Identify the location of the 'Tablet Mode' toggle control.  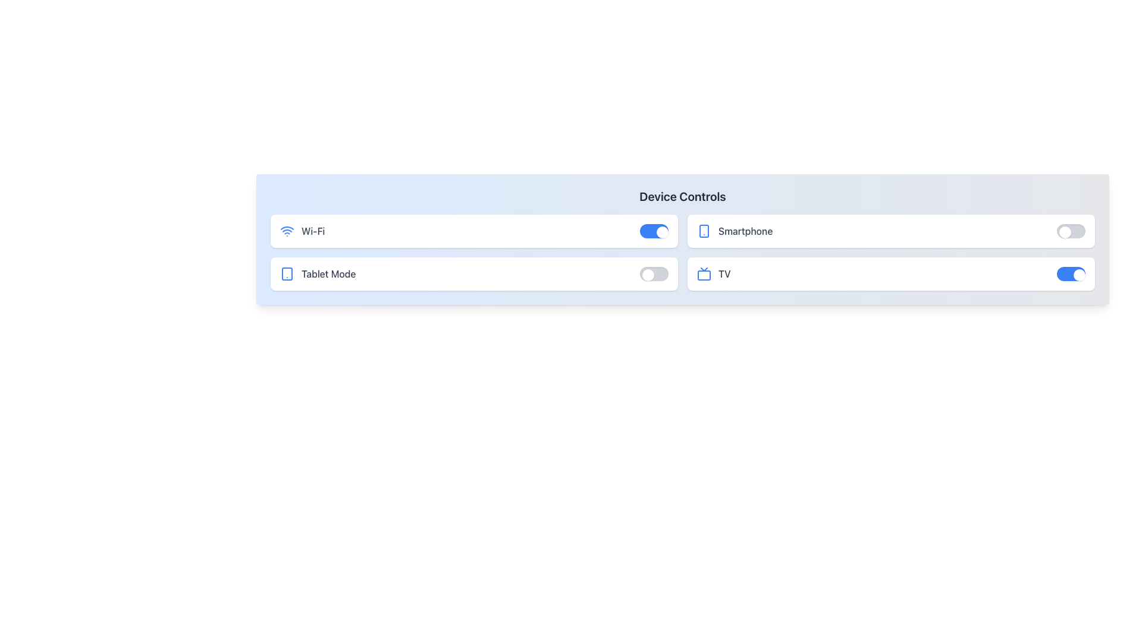
(473, 274).